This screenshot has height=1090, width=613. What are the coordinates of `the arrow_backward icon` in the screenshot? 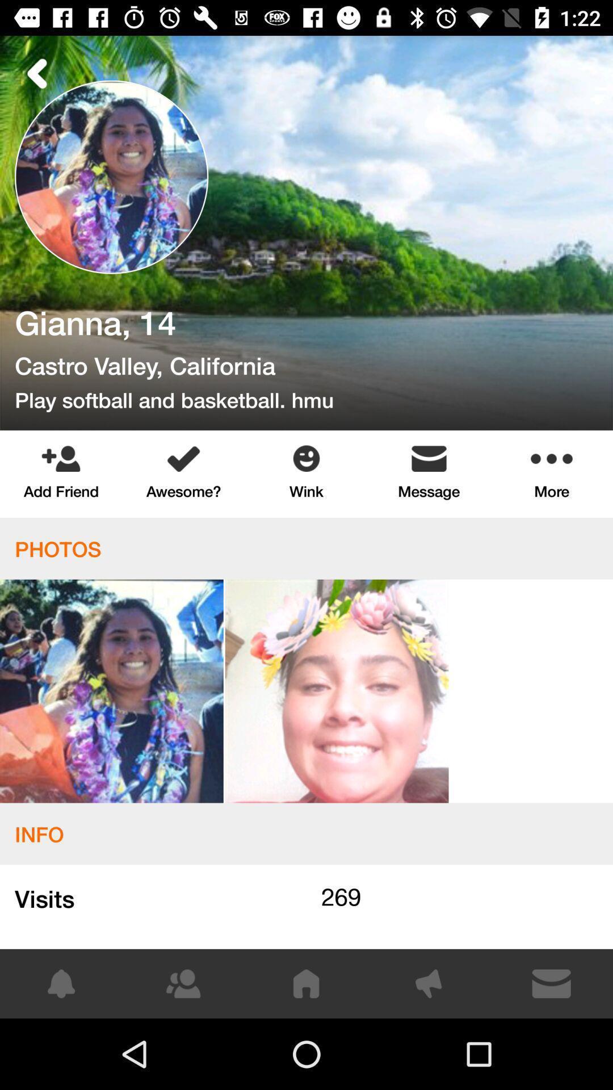 It's located at (37, 73).